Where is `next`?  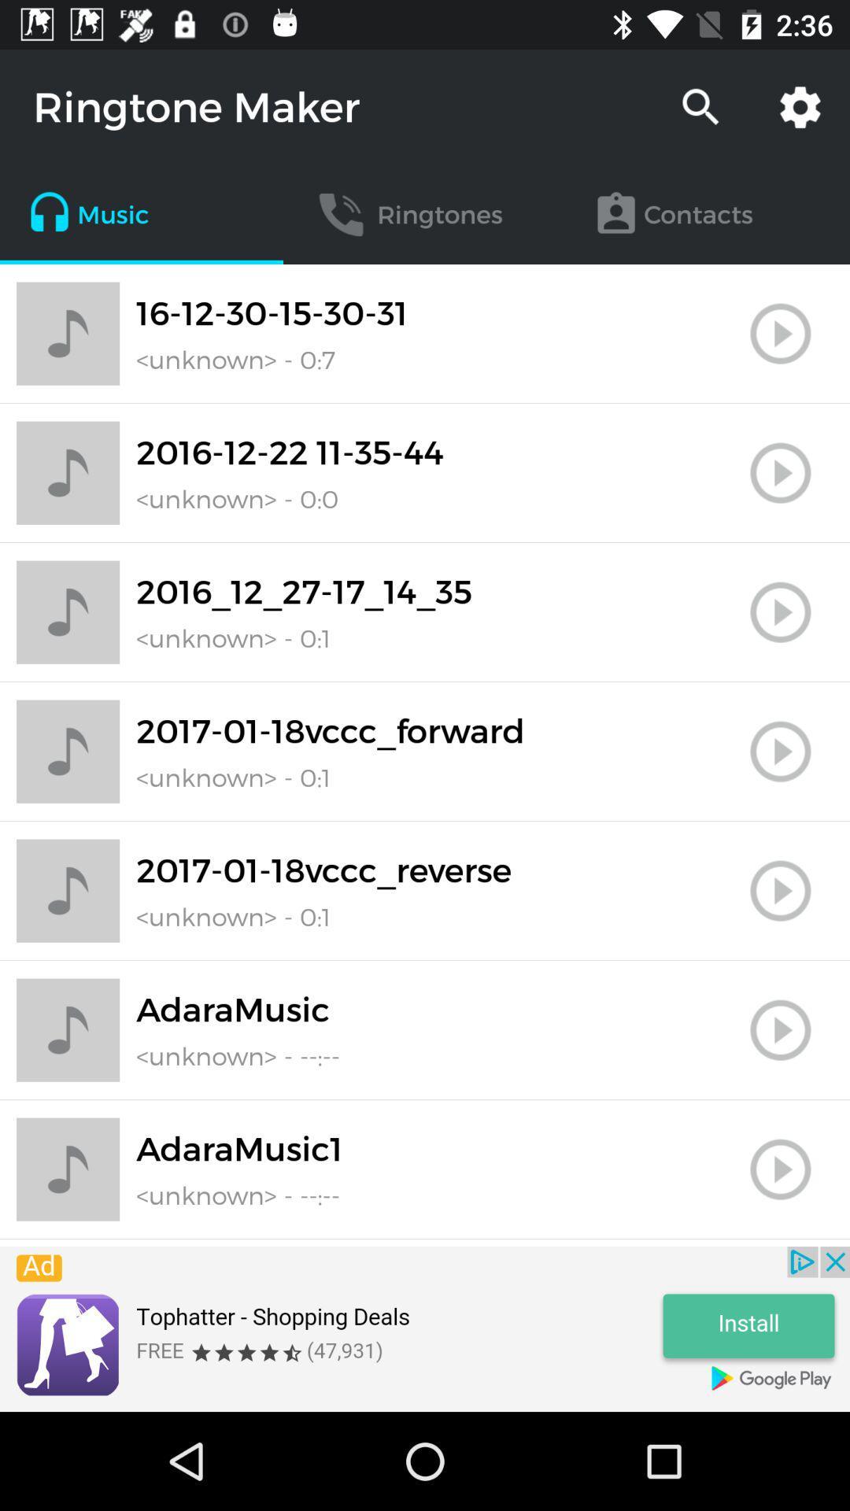 next is located at coordinates (780, 472).